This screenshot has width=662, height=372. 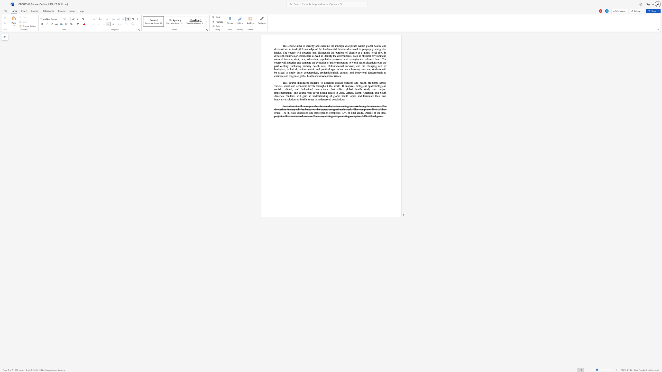 What do you see at coordinates (293, 72) in the screenshot?
I see `the 3th character "l" in the text` at bounding box center [293, 72].